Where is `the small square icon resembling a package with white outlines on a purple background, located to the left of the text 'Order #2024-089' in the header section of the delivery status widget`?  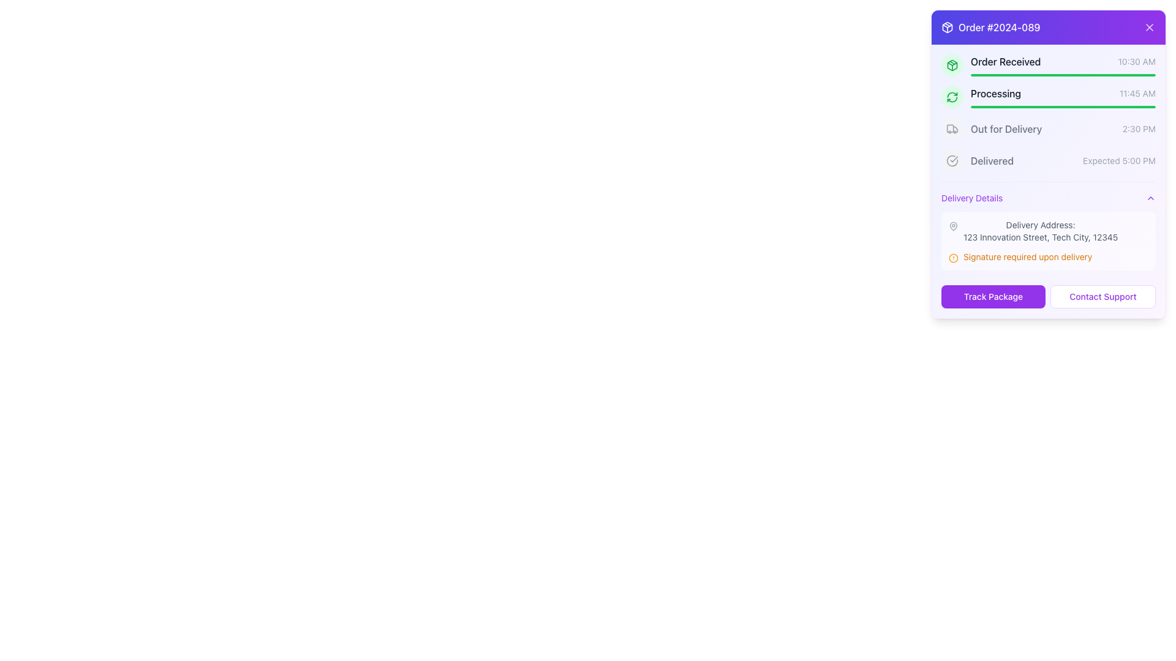 the small square icon resembling a package with white outlines on a purple background, located to the left of the text 'Order #2024-089' in the header section of the delivery status widget is located at coordinates (946, 28).